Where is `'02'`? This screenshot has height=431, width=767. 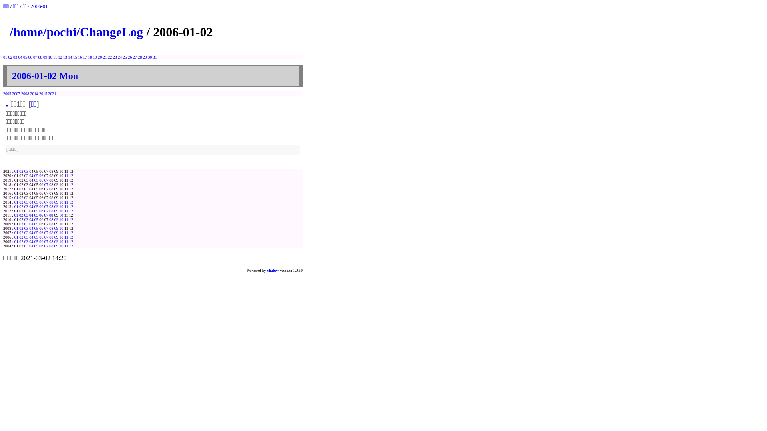 '02' is located at coordinates (21, 206).